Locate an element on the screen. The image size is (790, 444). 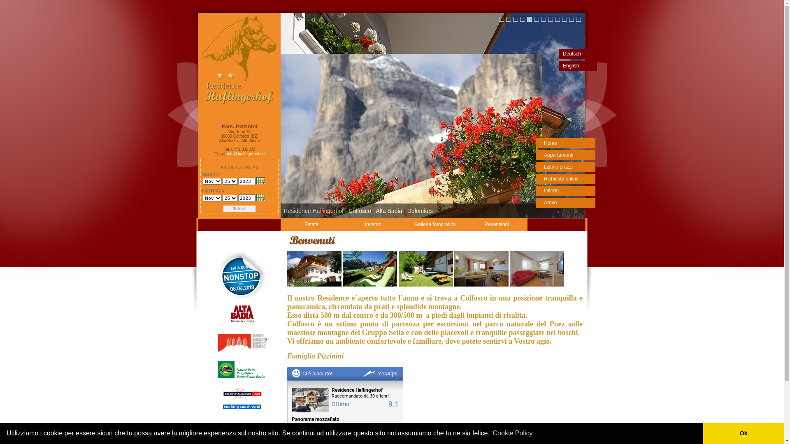
'Year' is located at coordinates (246, 180).